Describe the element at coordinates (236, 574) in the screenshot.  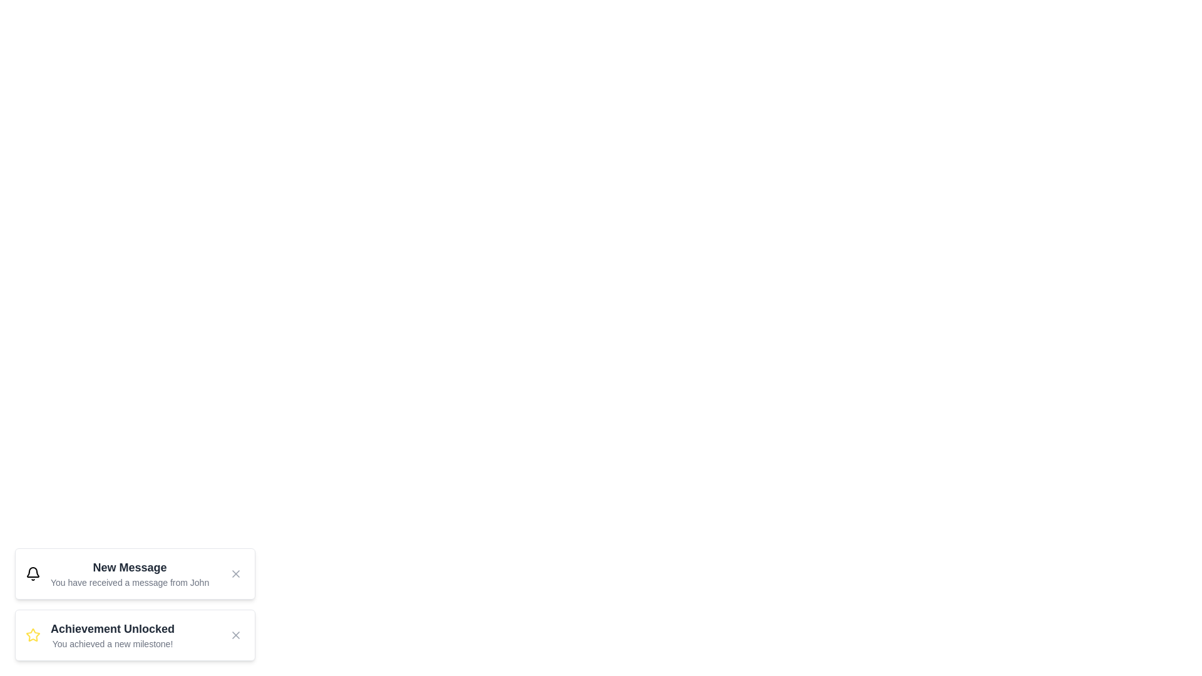
I see `the close button of the notification with title New Message` at that location.